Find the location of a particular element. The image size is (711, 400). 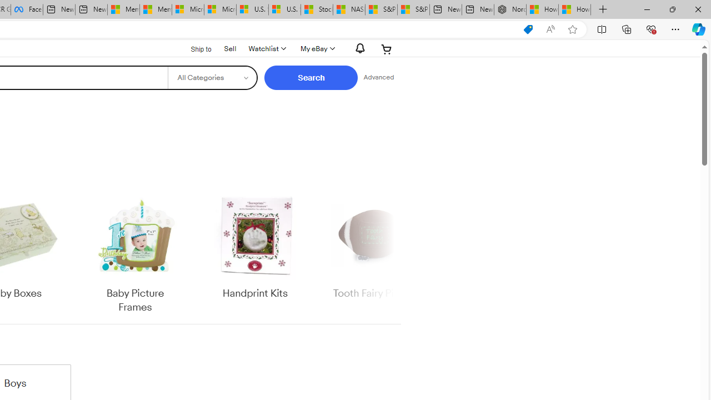

'Collections' is located at coordinates (627, 28).